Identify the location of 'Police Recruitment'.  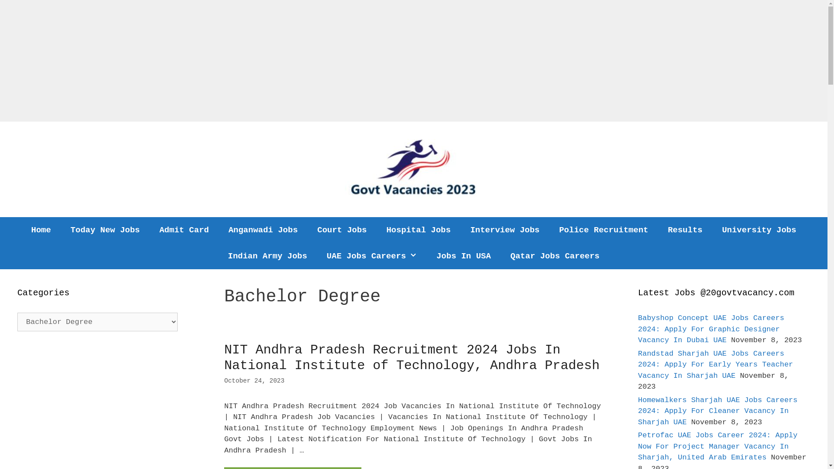
(603, 229).